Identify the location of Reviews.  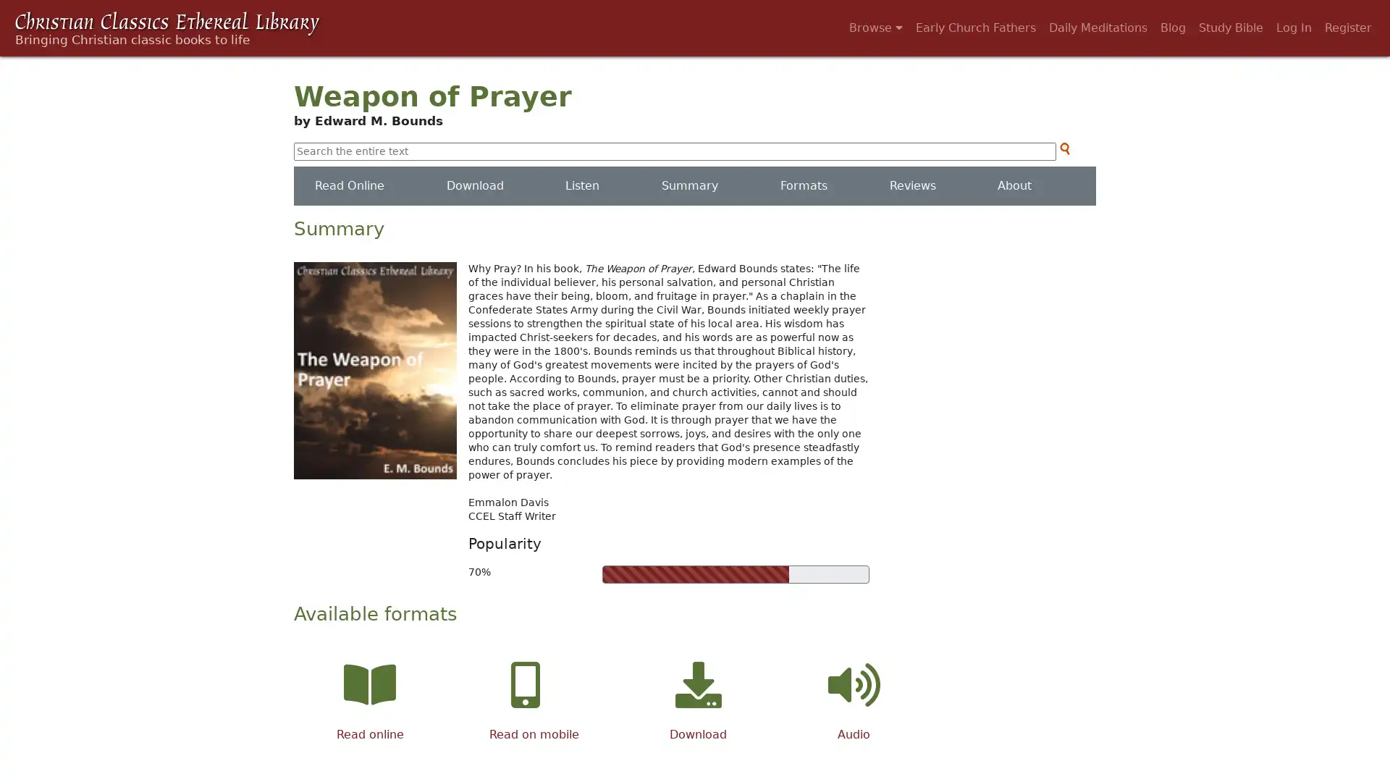
(911, 185).